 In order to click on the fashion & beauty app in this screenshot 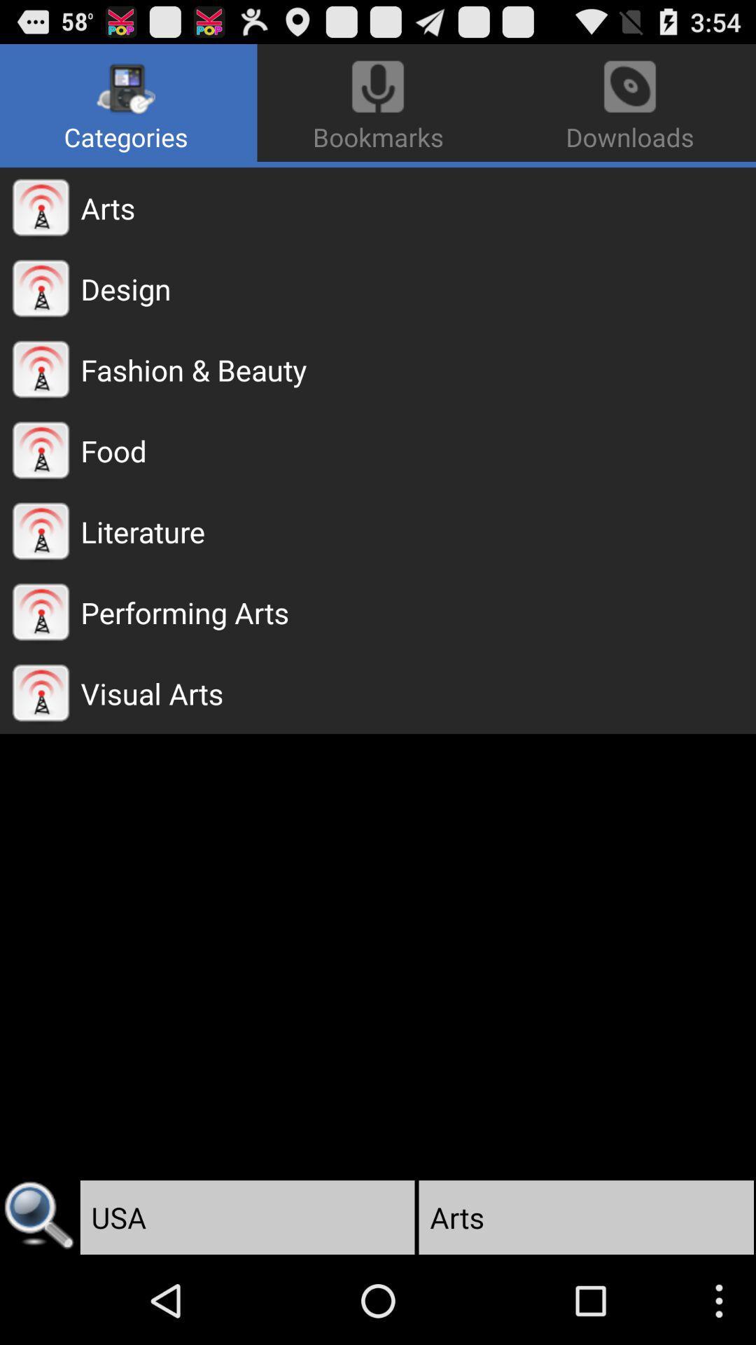, I will do `click(417, 370)`.